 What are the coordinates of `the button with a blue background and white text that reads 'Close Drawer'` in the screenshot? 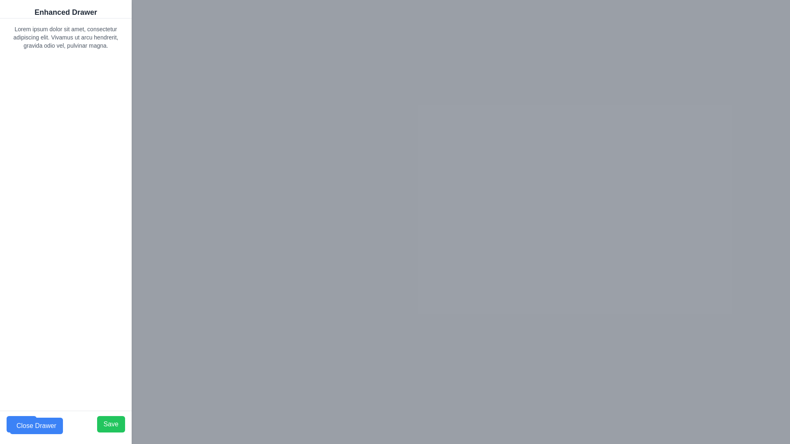 It's located at (36, 425).